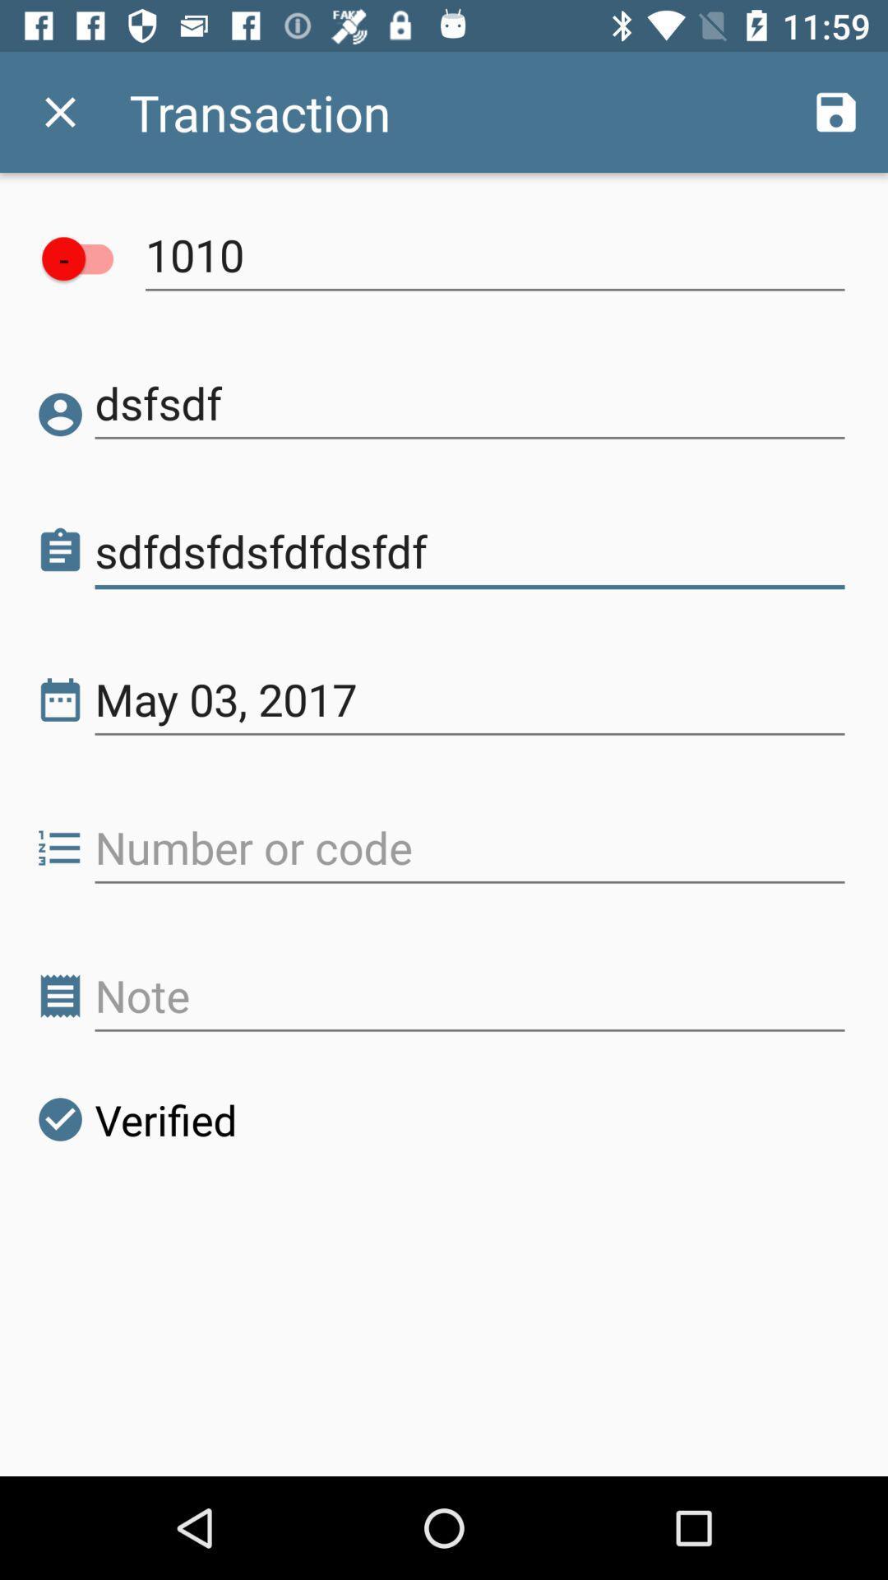 The image size is (888, 1580). Describe the element at coordinates (86, 258) in the screenshot. I see `account` at that location.